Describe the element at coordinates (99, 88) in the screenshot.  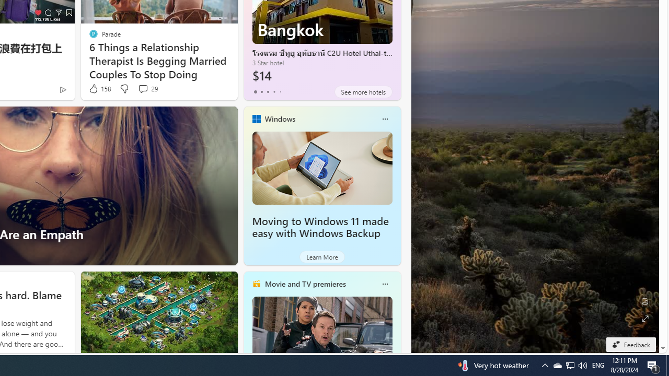
I see `'158 Like'` at that location.